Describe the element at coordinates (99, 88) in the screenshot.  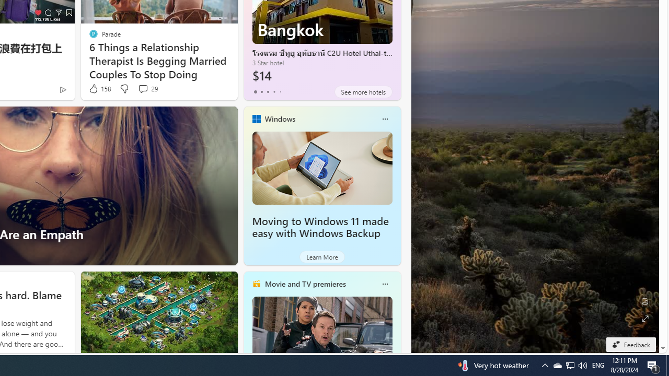
I see `'158 Like'` at that location.